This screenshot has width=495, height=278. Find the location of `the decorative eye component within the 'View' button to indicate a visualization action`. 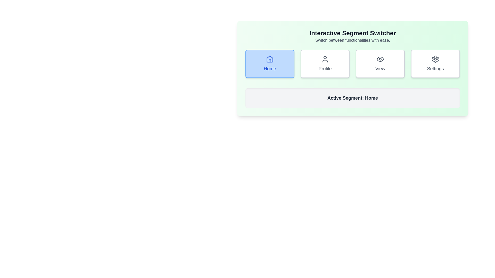

the decorative eye component within the 'View' button to indicate a visualization action is located at coordinates (380, 58).